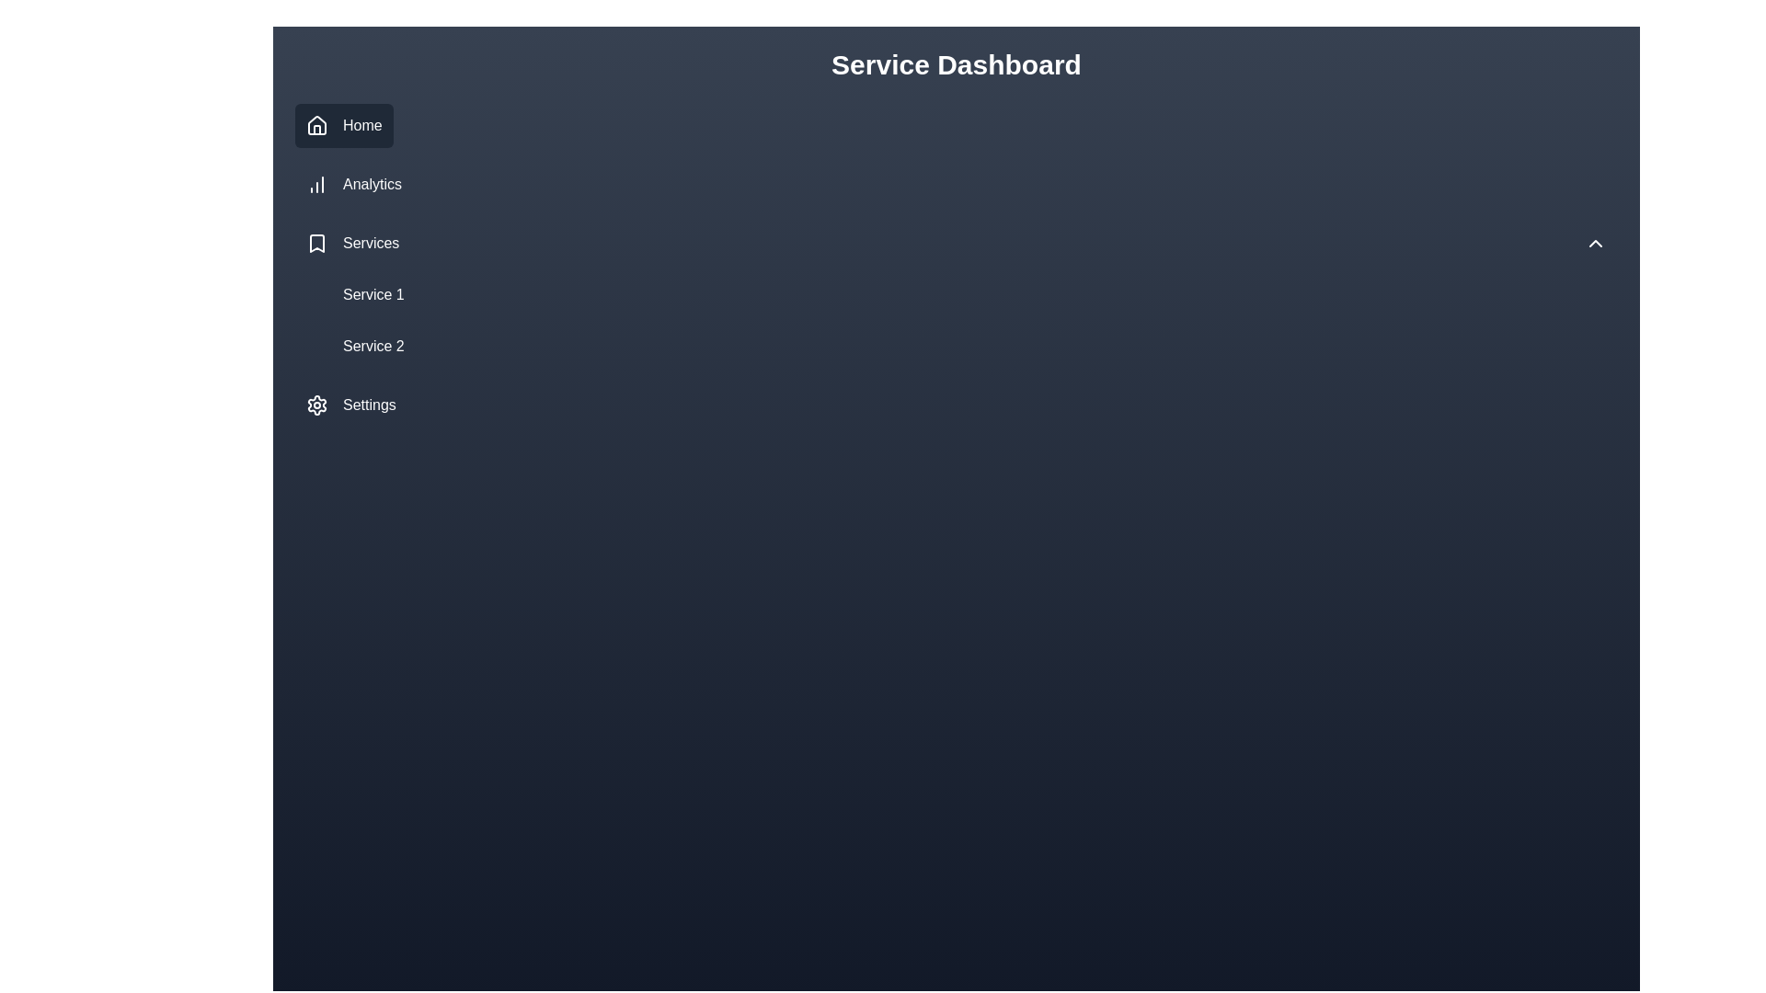  What do you see at coordinates (317, 125) in the screenshot?
I see `the 'Home' navigation icon located on the left sidebar, adjacent to the text 'Home' and above the 'Analytics' menu item` at bounding box center [317, 125].